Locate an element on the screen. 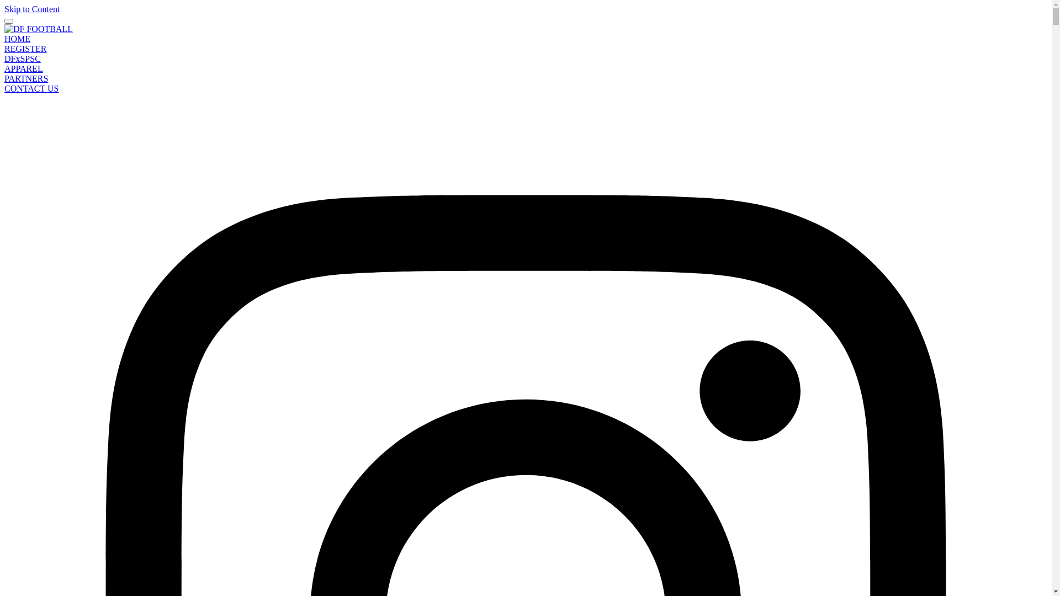 This screenshot has height=596, width=1060. 'REGISTER' is located at coordinates (25, 48).